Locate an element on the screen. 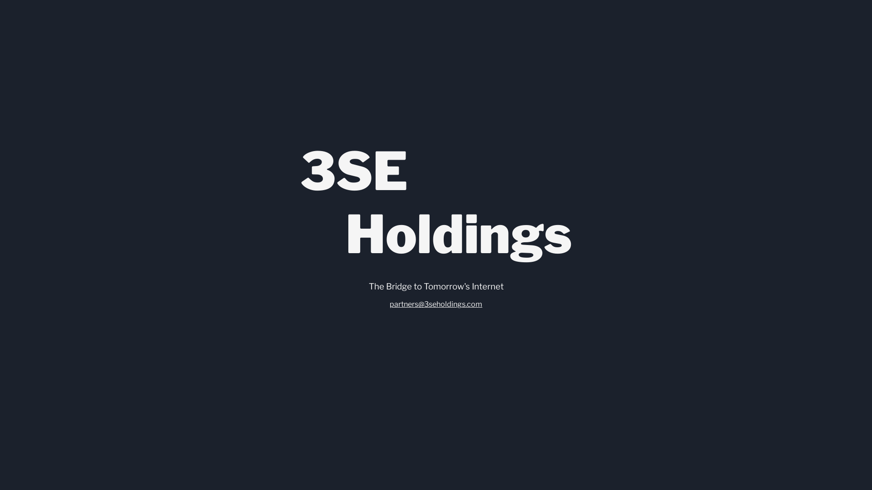 The height and width of the screenshot is (490, 872). 'partners@3seholdings.com' is located at coordinates (436, 304).